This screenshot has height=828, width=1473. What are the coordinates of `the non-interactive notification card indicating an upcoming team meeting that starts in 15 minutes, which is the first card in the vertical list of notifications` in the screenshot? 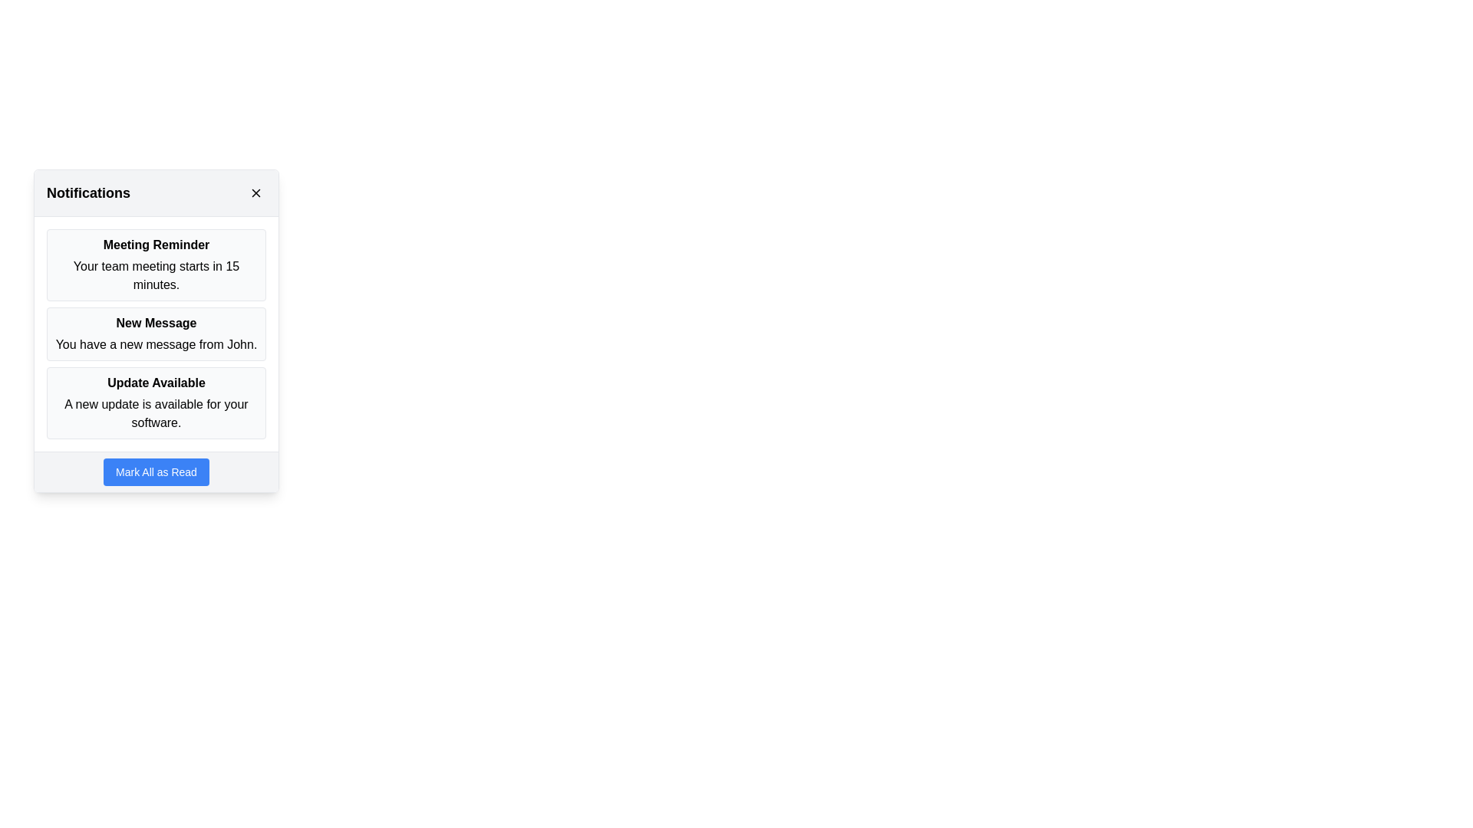 It's located at (156, 264).